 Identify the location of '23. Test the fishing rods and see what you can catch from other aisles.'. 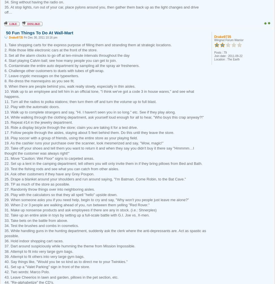
(5, 169).